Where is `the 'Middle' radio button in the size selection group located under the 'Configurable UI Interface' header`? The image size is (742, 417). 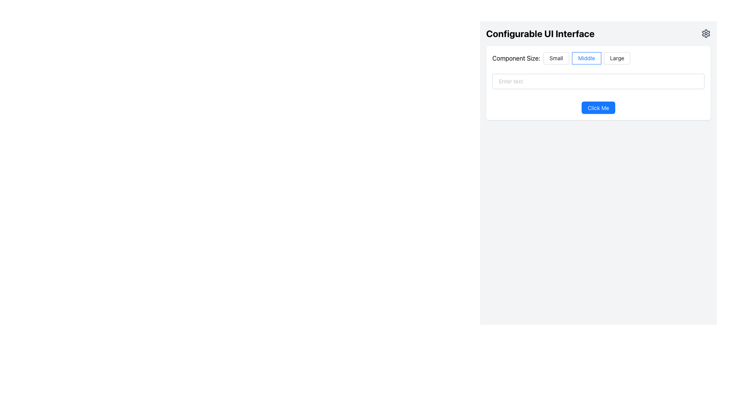 the 'Middle' radio button in the size selection group located under the 'Configurable UI Interface' header is located at coordinates (598, 58).